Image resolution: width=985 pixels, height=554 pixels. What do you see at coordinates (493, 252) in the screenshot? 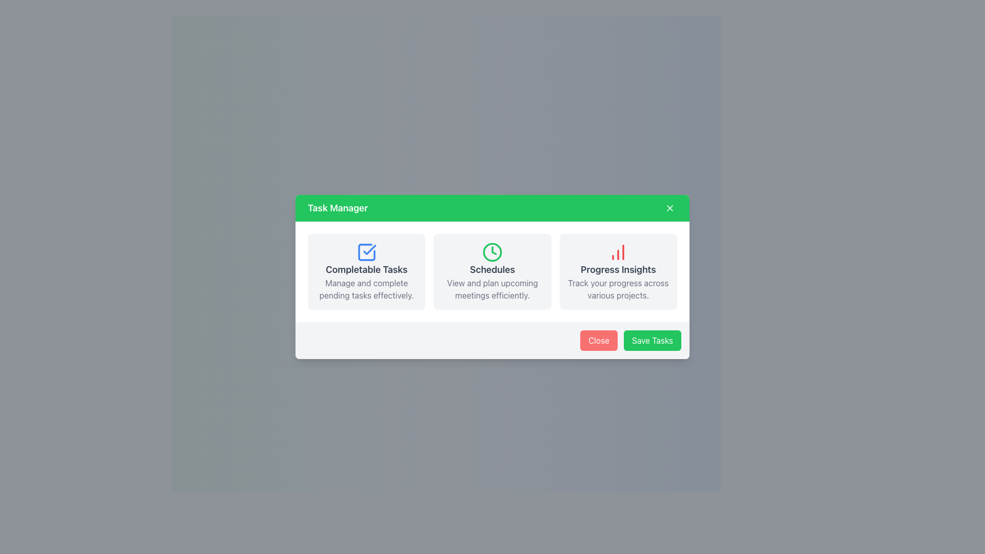
I see `the green clock icon with a circular outline and clock hands, located in the middle section of the Task Manager interface, directly above the 'Schedules' label` at bounding box center [493, 252].